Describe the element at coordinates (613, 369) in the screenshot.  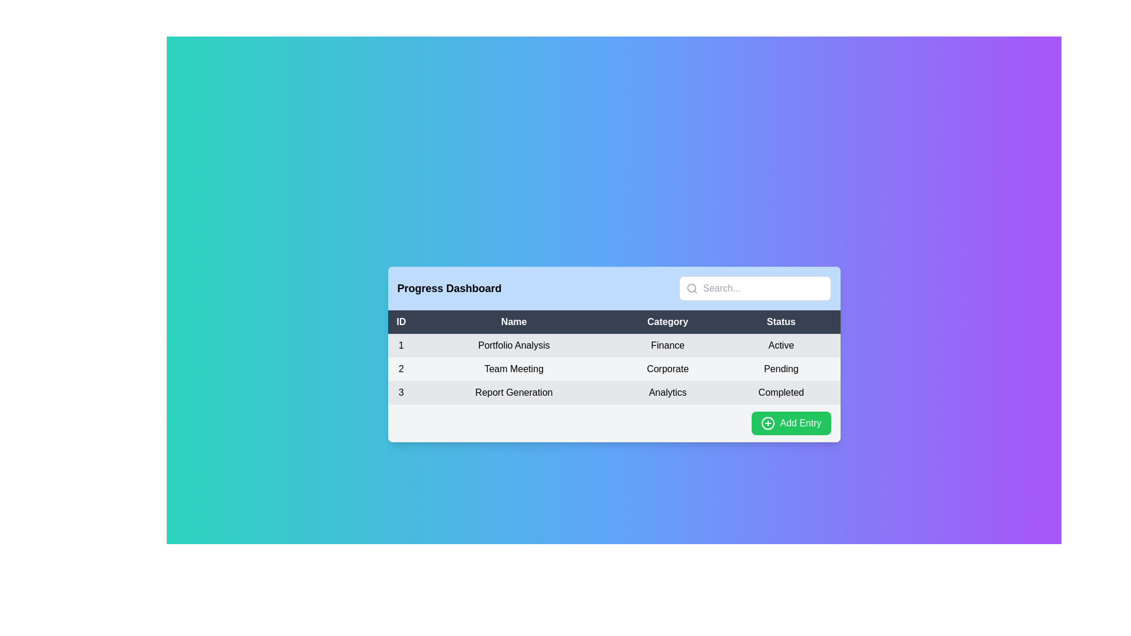
I see `the cell in the second row of the table that contains details about a team meeting categorized under 'Corporate' with a status of 'Pending'` at that location.